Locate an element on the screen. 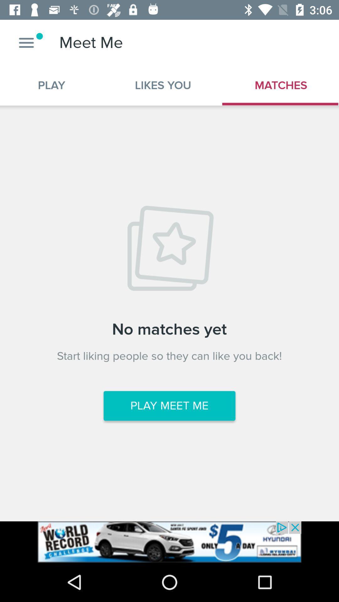  advertisement is located at coordinates (169, 541).